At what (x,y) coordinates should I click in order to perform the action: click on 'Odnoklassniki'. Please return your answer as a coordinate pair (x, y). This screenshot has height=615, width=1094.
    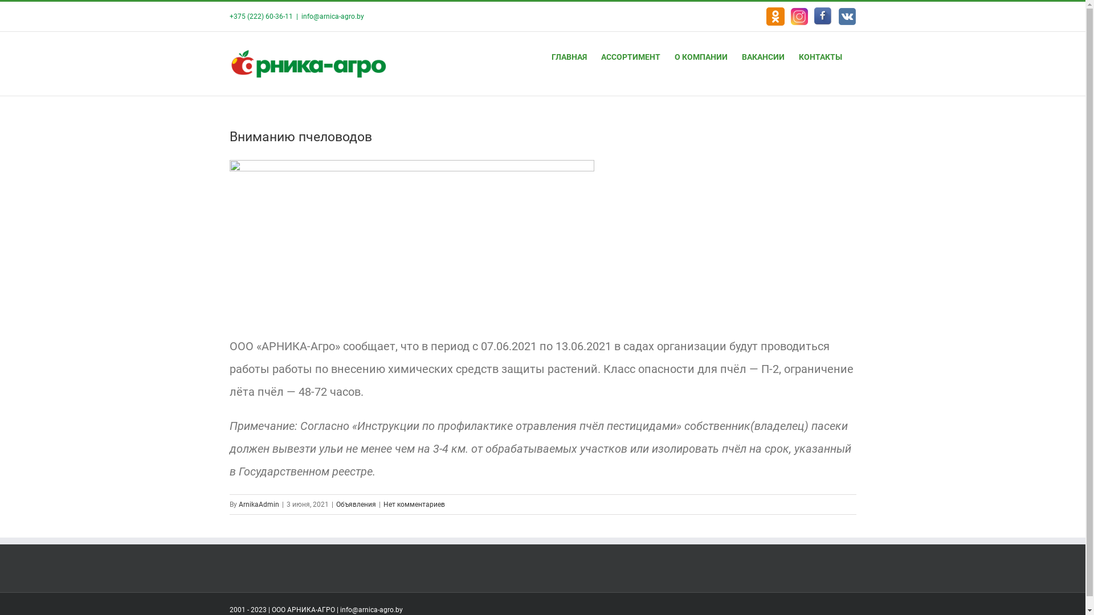
    Looking at the image, I should click on (766, 17).